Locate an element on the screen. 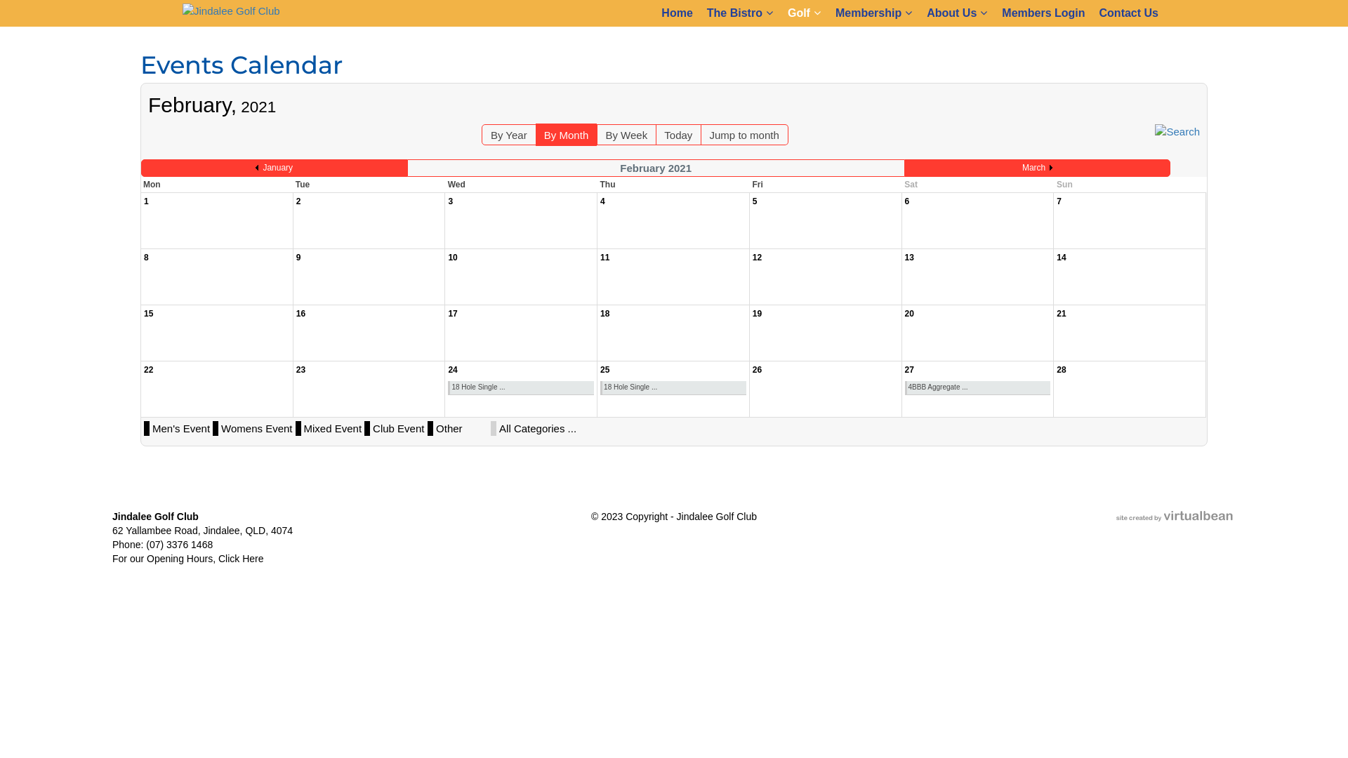  '25' is located at coordinates (604, 369).